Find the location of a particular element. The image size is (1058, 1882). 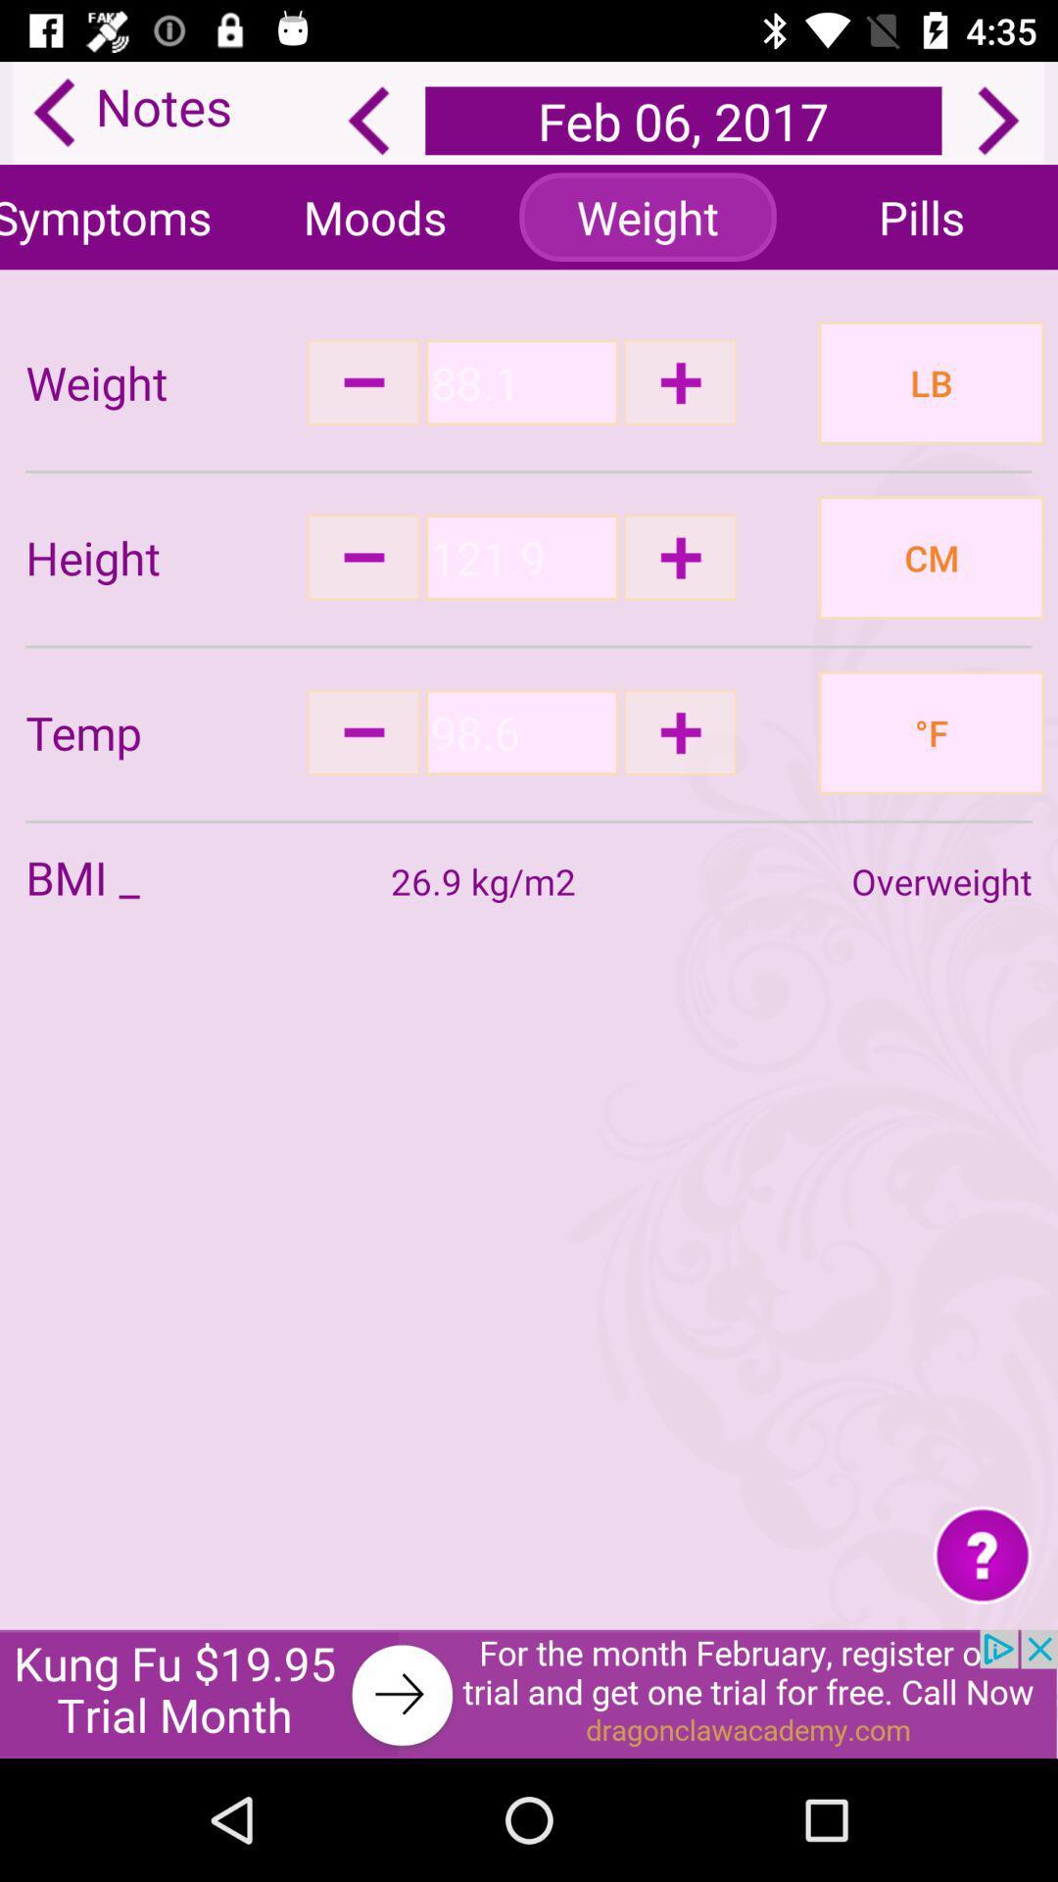

increase temp is located at coordinates (679, 731).